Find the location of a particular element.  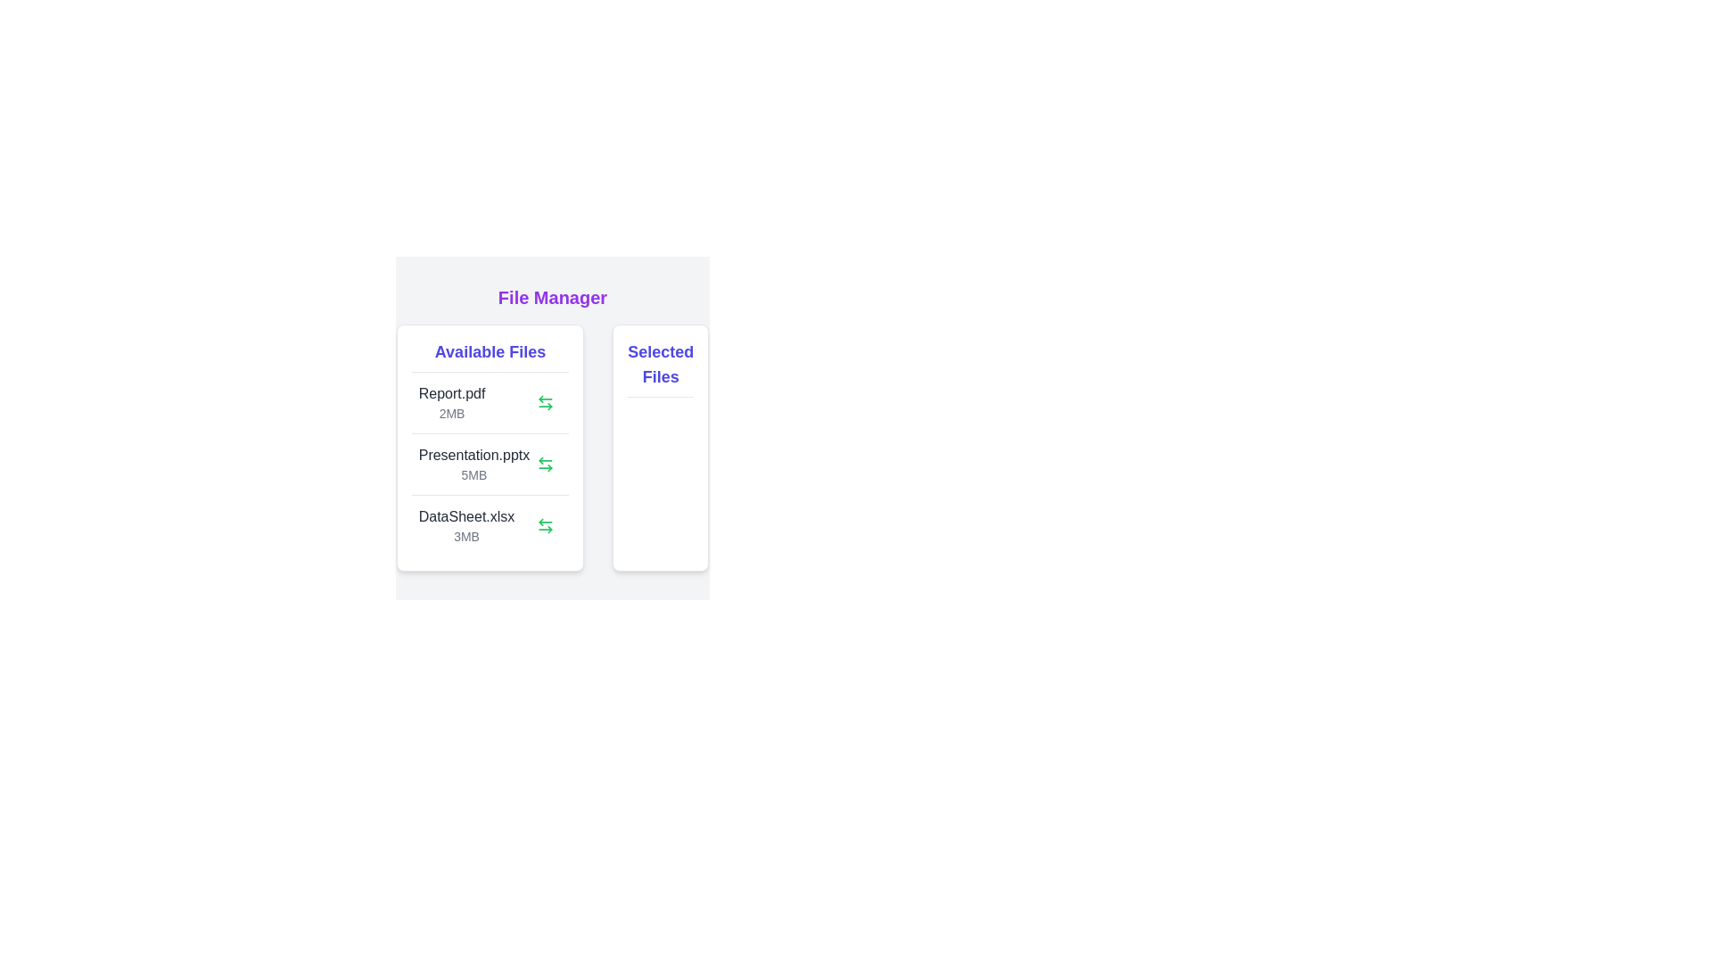

the button located in the 'Available Files' section, aligned to the right of the 'Presentation.pptx' row is located at coordinates (545, 463).